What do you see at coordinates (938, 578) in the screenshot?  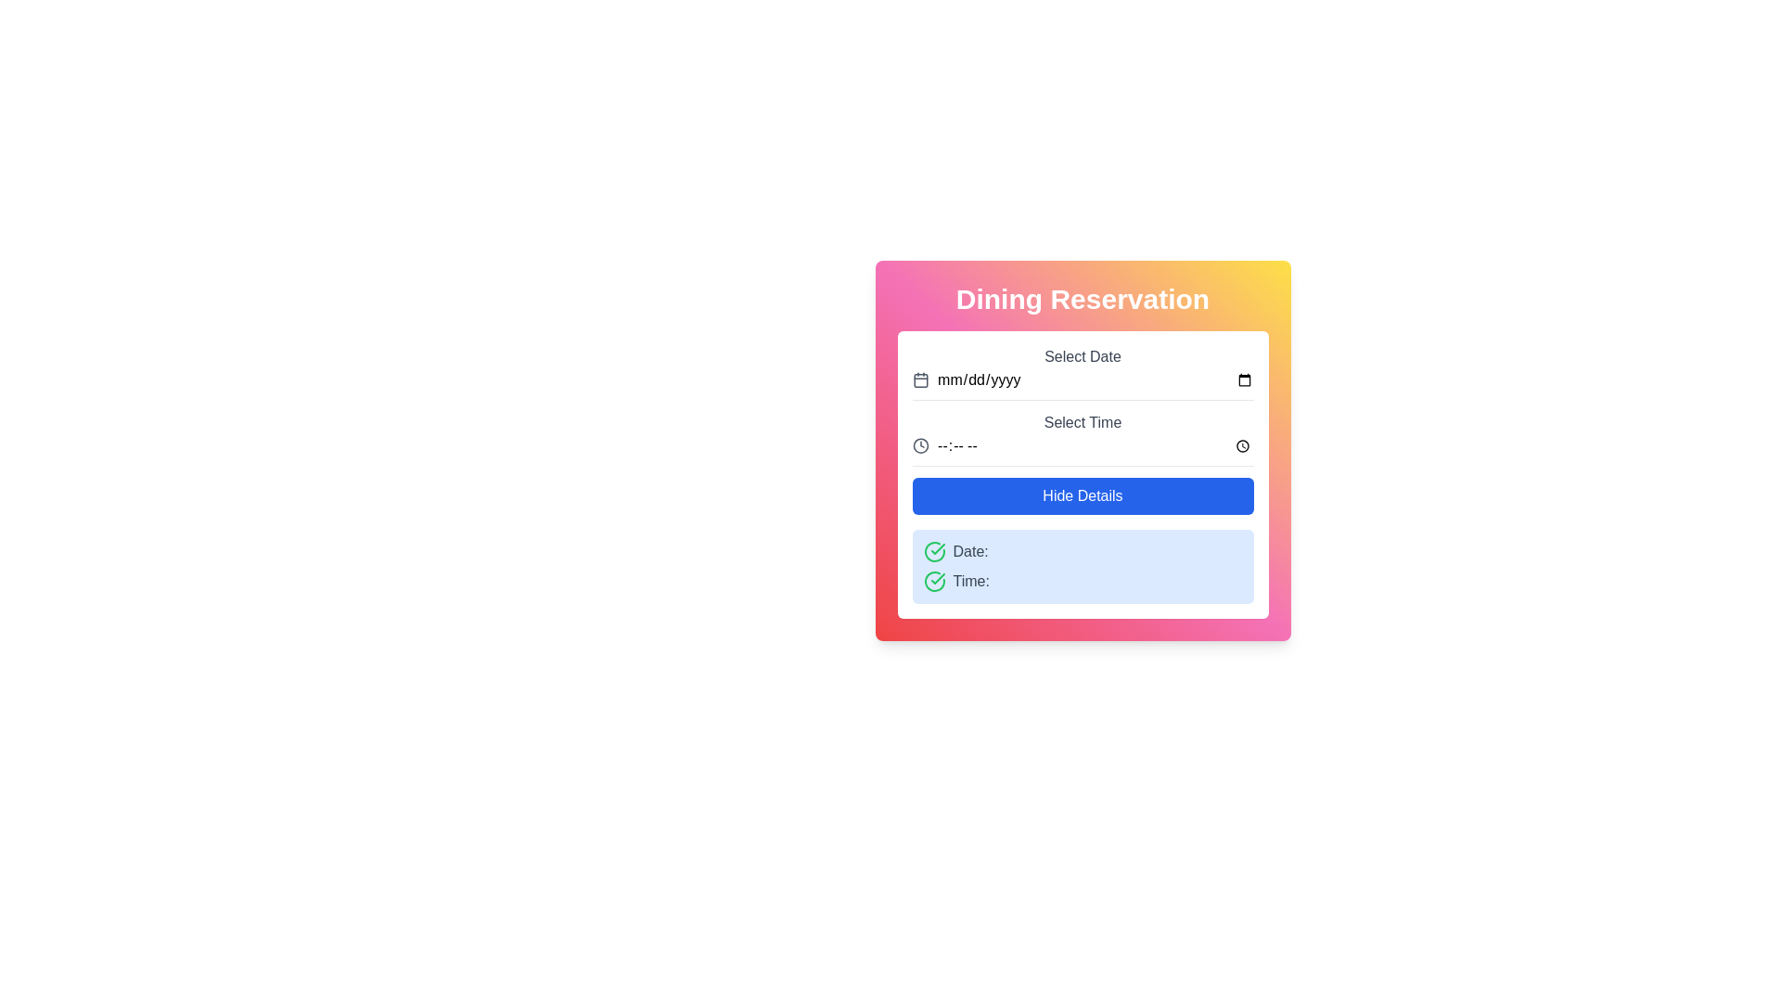 I see `the visual confirmation icon in the lower-left corner of the date selection widget, next to the 'Date:' label` at bounding box center [938, 578].